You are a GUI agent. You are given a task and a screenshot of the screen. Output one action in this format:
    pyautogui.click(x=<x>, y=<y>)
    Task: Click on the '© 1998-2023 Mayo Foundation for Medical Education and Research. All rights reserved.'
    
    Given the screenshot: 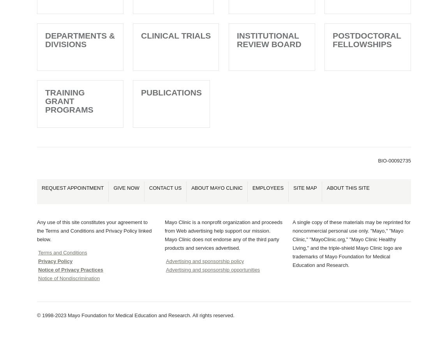 What is the action you would take?
    pyautogui.click(x=135, y=315)
    